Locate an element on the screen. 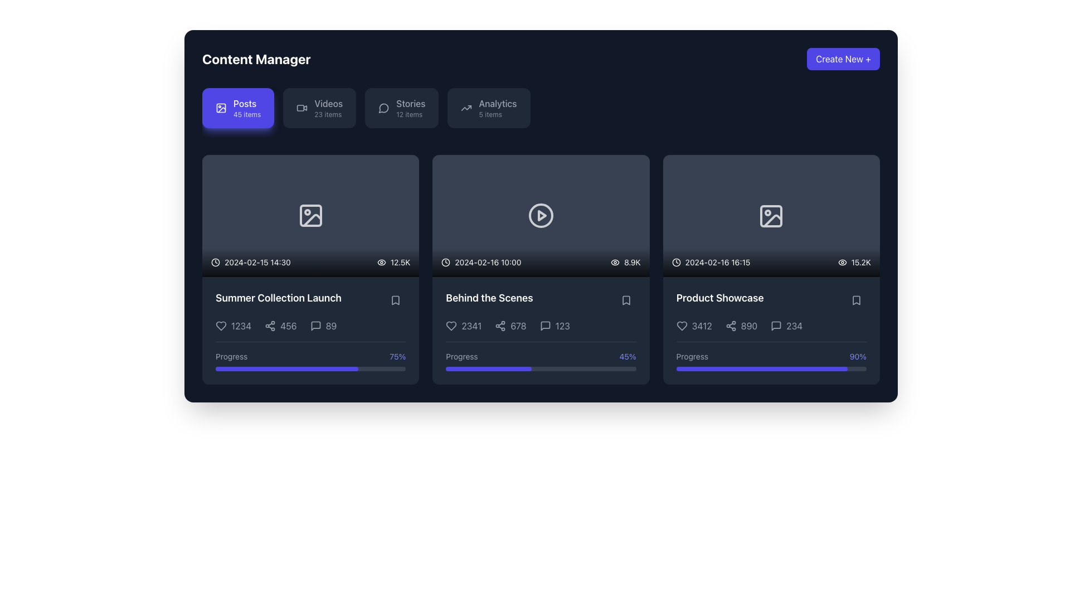 This screenshot has height=602, width=1070. the label displaying the view count '12.5K', which is styled in a small white font on a dark background, located in the top-right corner of the 'Summer Collection Launch' card, next to an eye icon is located at coordinates (400, 262).